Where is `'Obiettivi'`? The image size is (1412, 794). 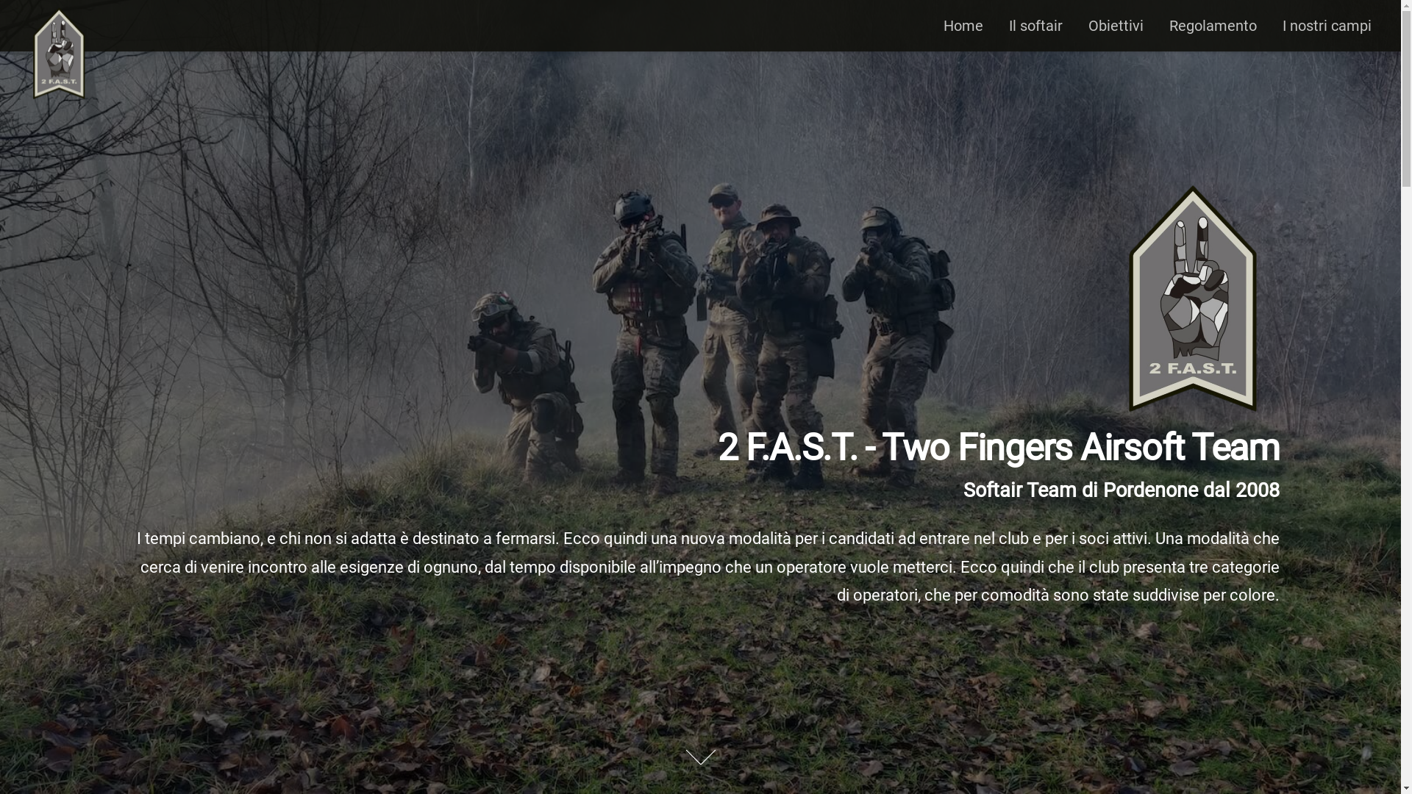 'Obiettivi' is located at coordinates (1116, 25).